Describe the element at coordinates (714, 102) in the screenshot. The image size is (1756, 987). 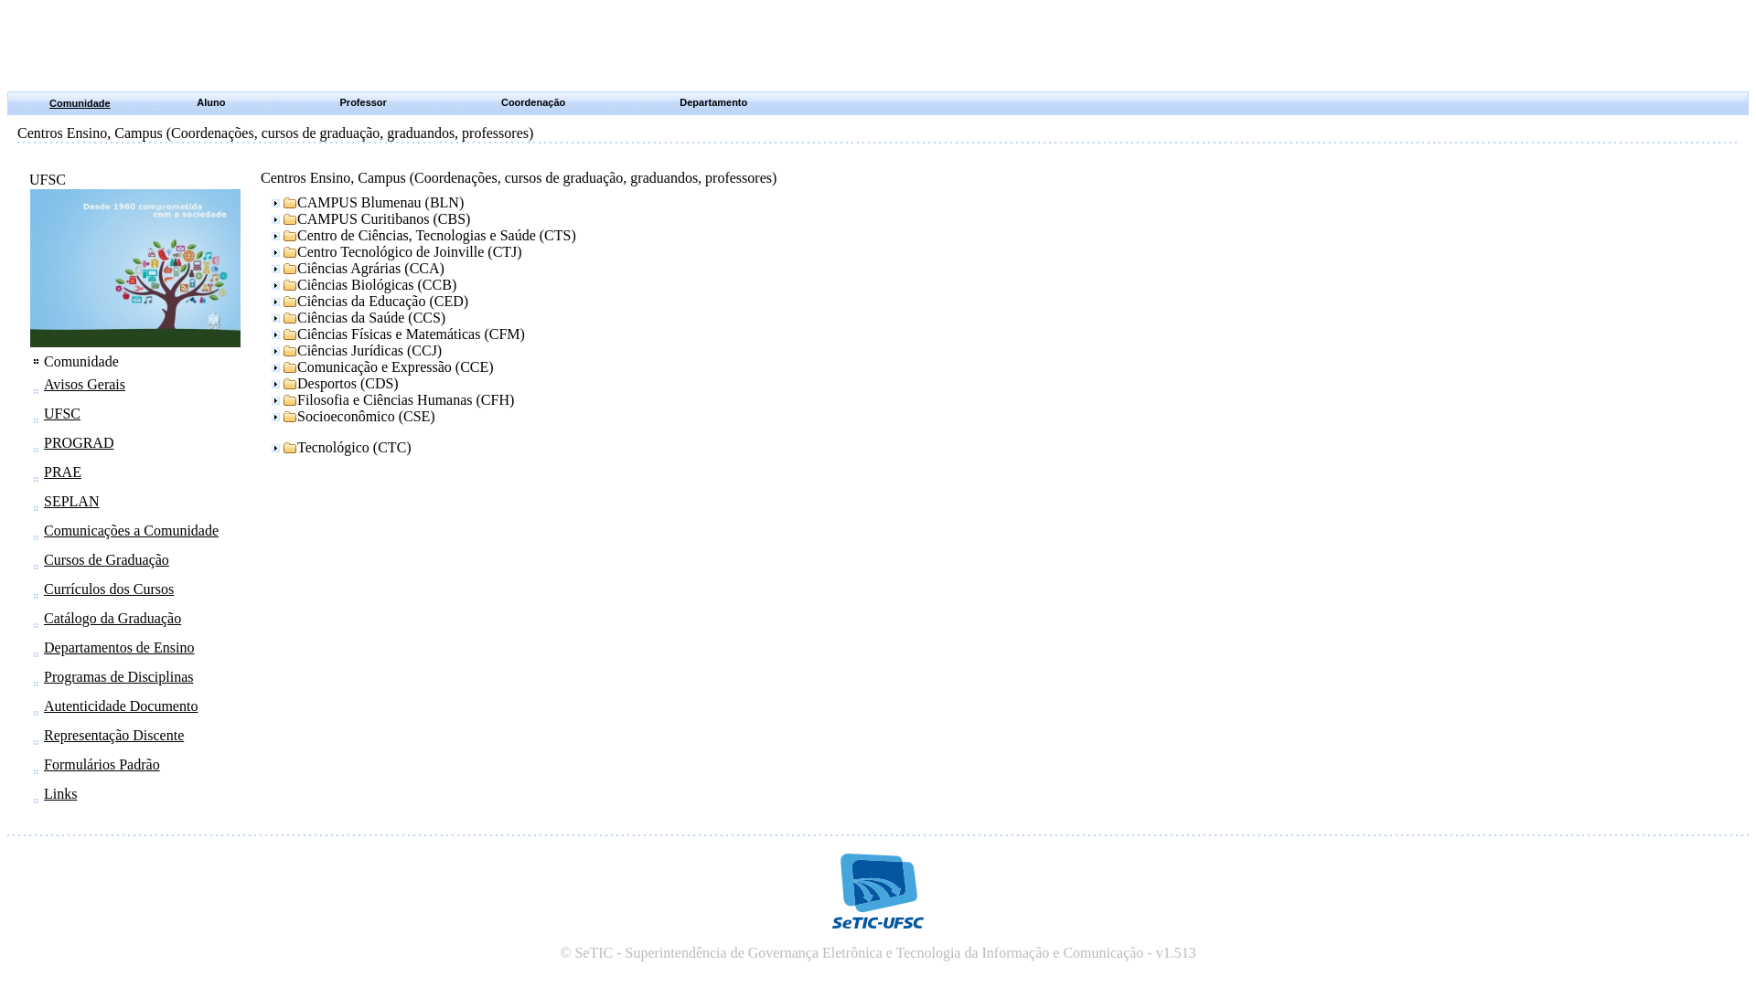
I see `'Departamento'` at that location.